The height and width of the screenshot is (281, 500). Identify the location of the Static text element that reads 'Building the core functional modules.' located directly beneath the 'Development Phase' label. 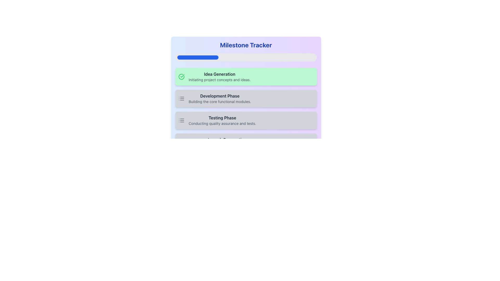
(220, 101).